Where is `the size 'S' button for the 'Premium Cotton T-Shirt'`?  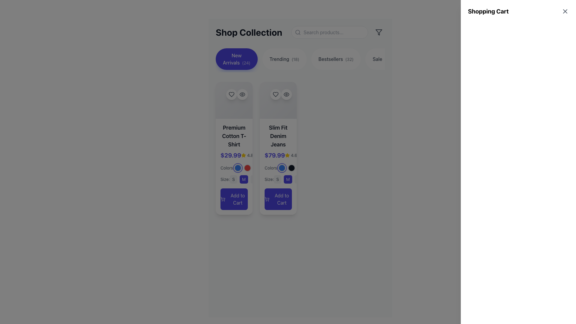
the size 'S' button for the 'Premium Cotton T-Shirt' is located at coordinates (233, 179).